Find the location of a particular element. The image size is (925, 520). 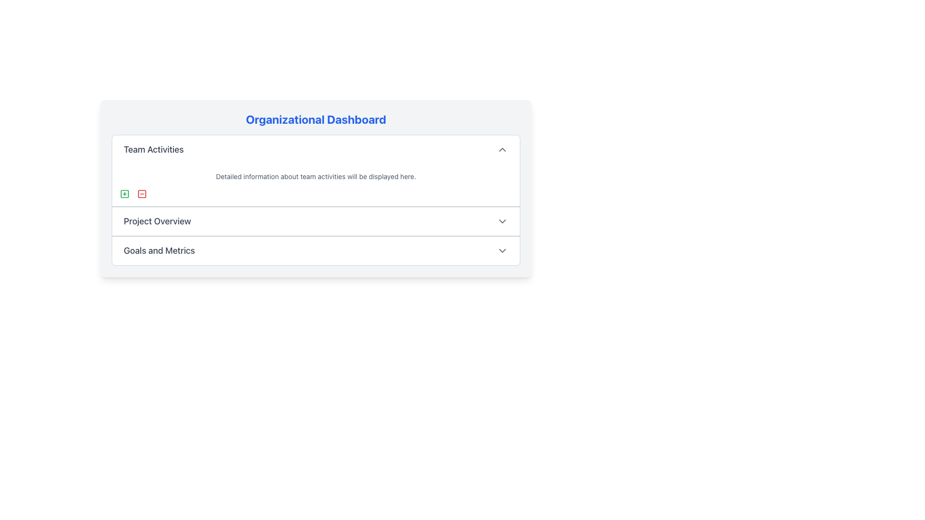

the 'minus' button located in the second position within the group of square icons under the 'Team Activities' section of the dashboard is located at coordinates (141, 194).